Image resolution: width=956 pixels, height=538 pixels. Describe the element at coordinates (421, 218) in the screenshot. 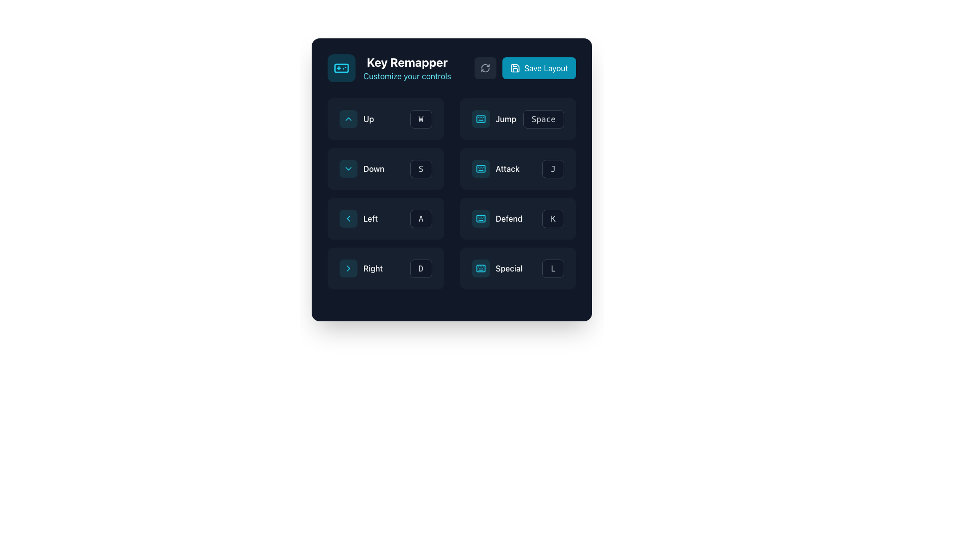

I see `the 'Left' action button in the key remapping interface` at that location.